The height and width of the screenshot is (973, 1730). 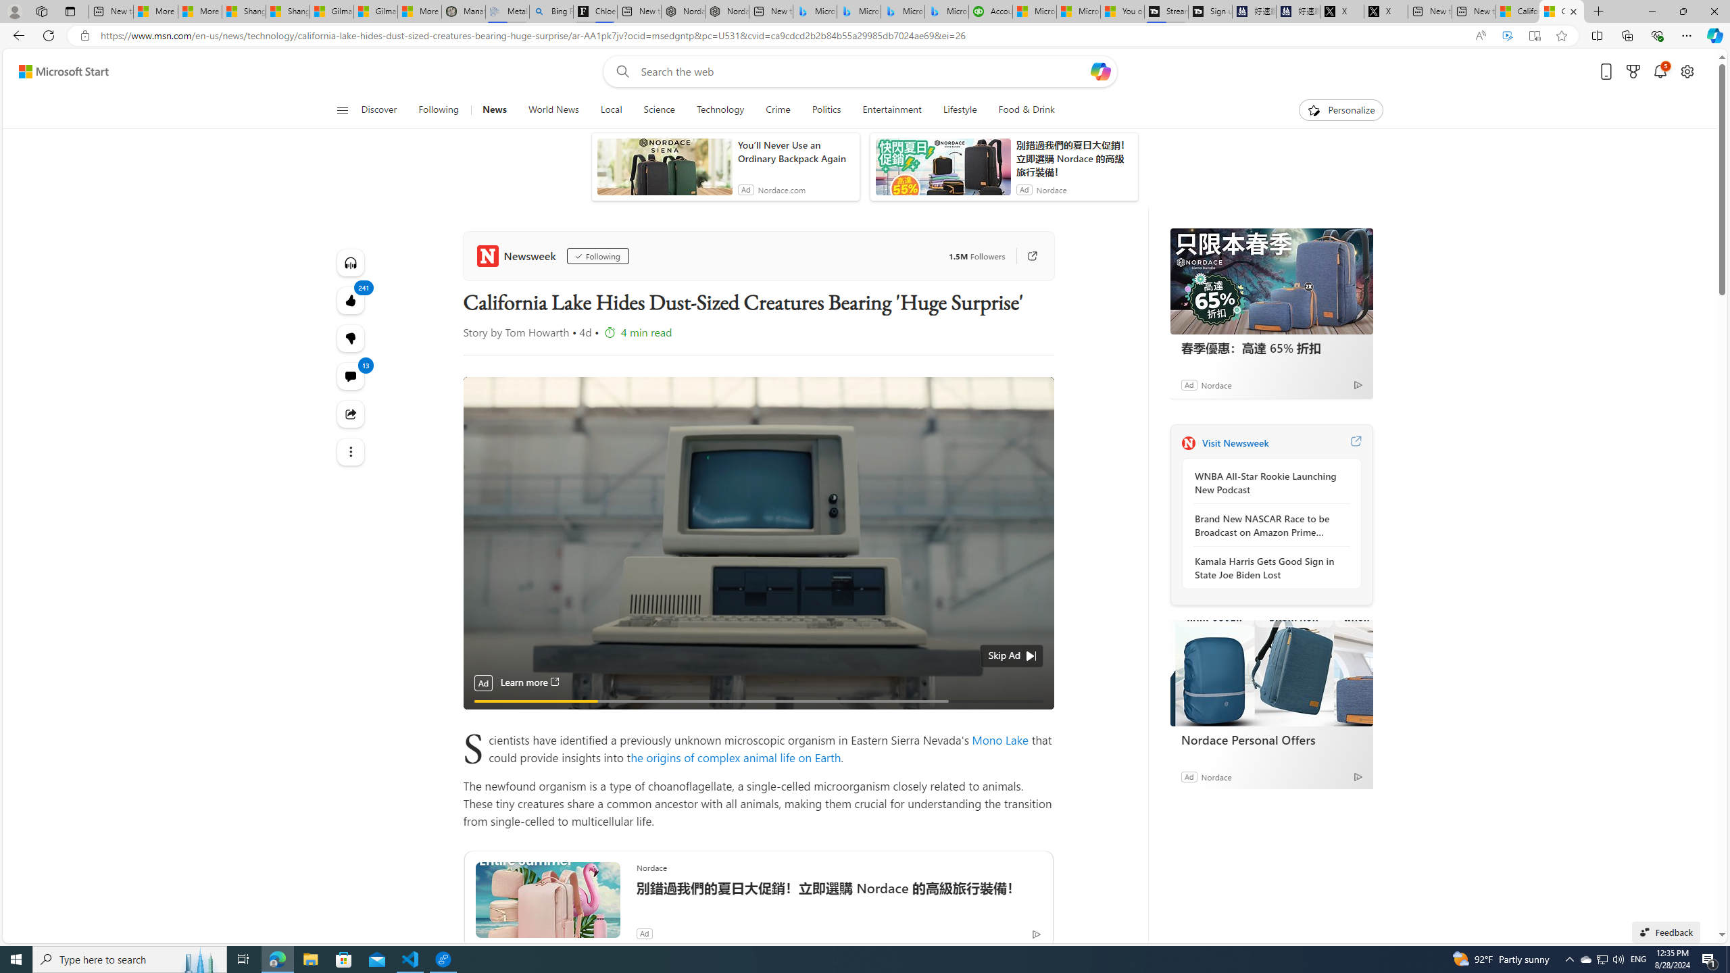 I want to click on 'Listen to this article', so click(x=350, y=261).